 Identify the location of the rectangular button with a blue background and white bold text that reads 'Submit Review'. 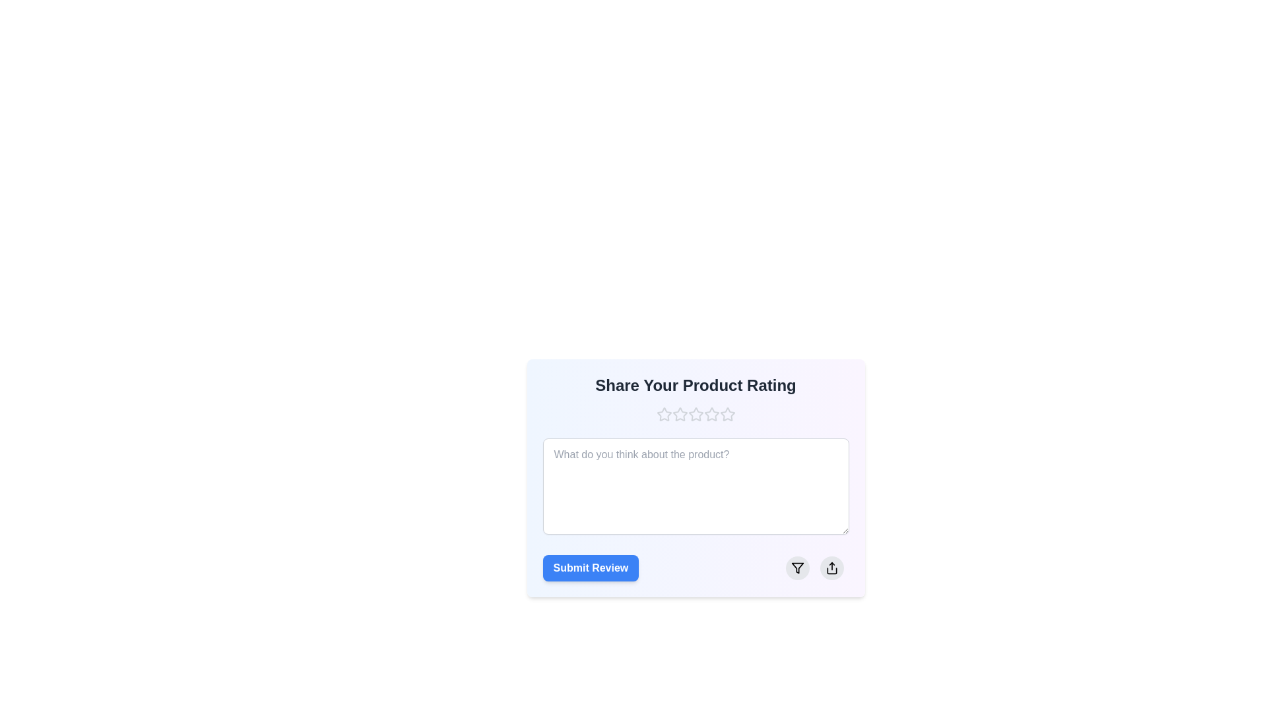
(590, 567).